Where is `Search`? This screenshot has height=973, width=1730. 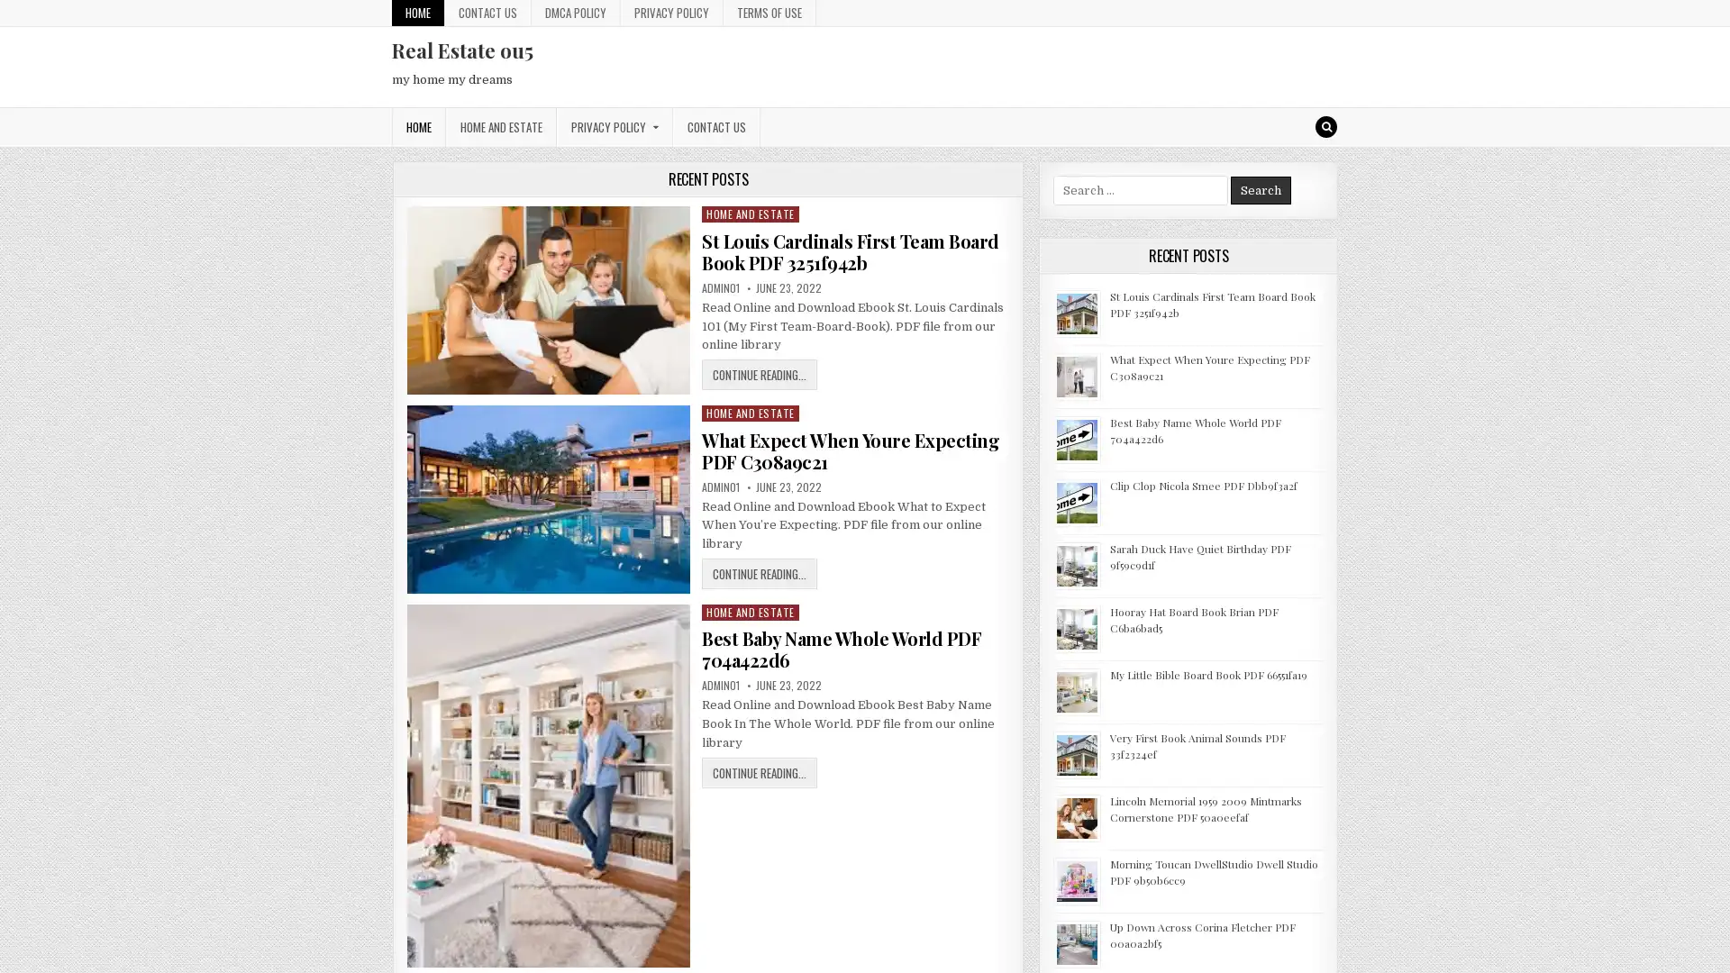
Search is located at coordinates (1260, 190).